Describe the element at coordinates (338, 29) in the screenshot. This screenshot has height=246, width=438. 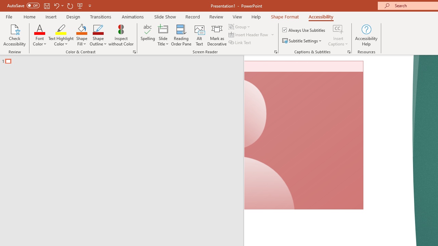
I see `'Insert Captions'` at that location.